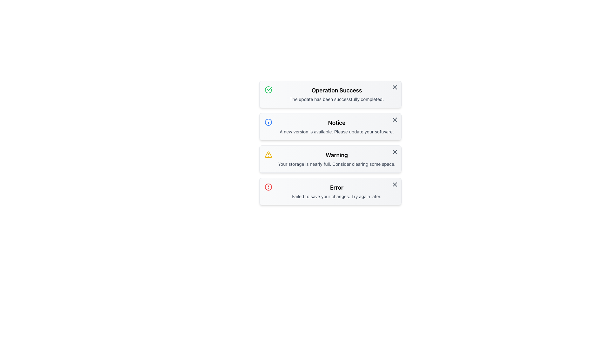 The height and width of the screenshot is (343, 610). Describe the element at coordinates (336, 126) in the screenshot. I see `the informational text block that contains the header 'Notice' and the message 'A new version is available. Please update your software.'` at that location.